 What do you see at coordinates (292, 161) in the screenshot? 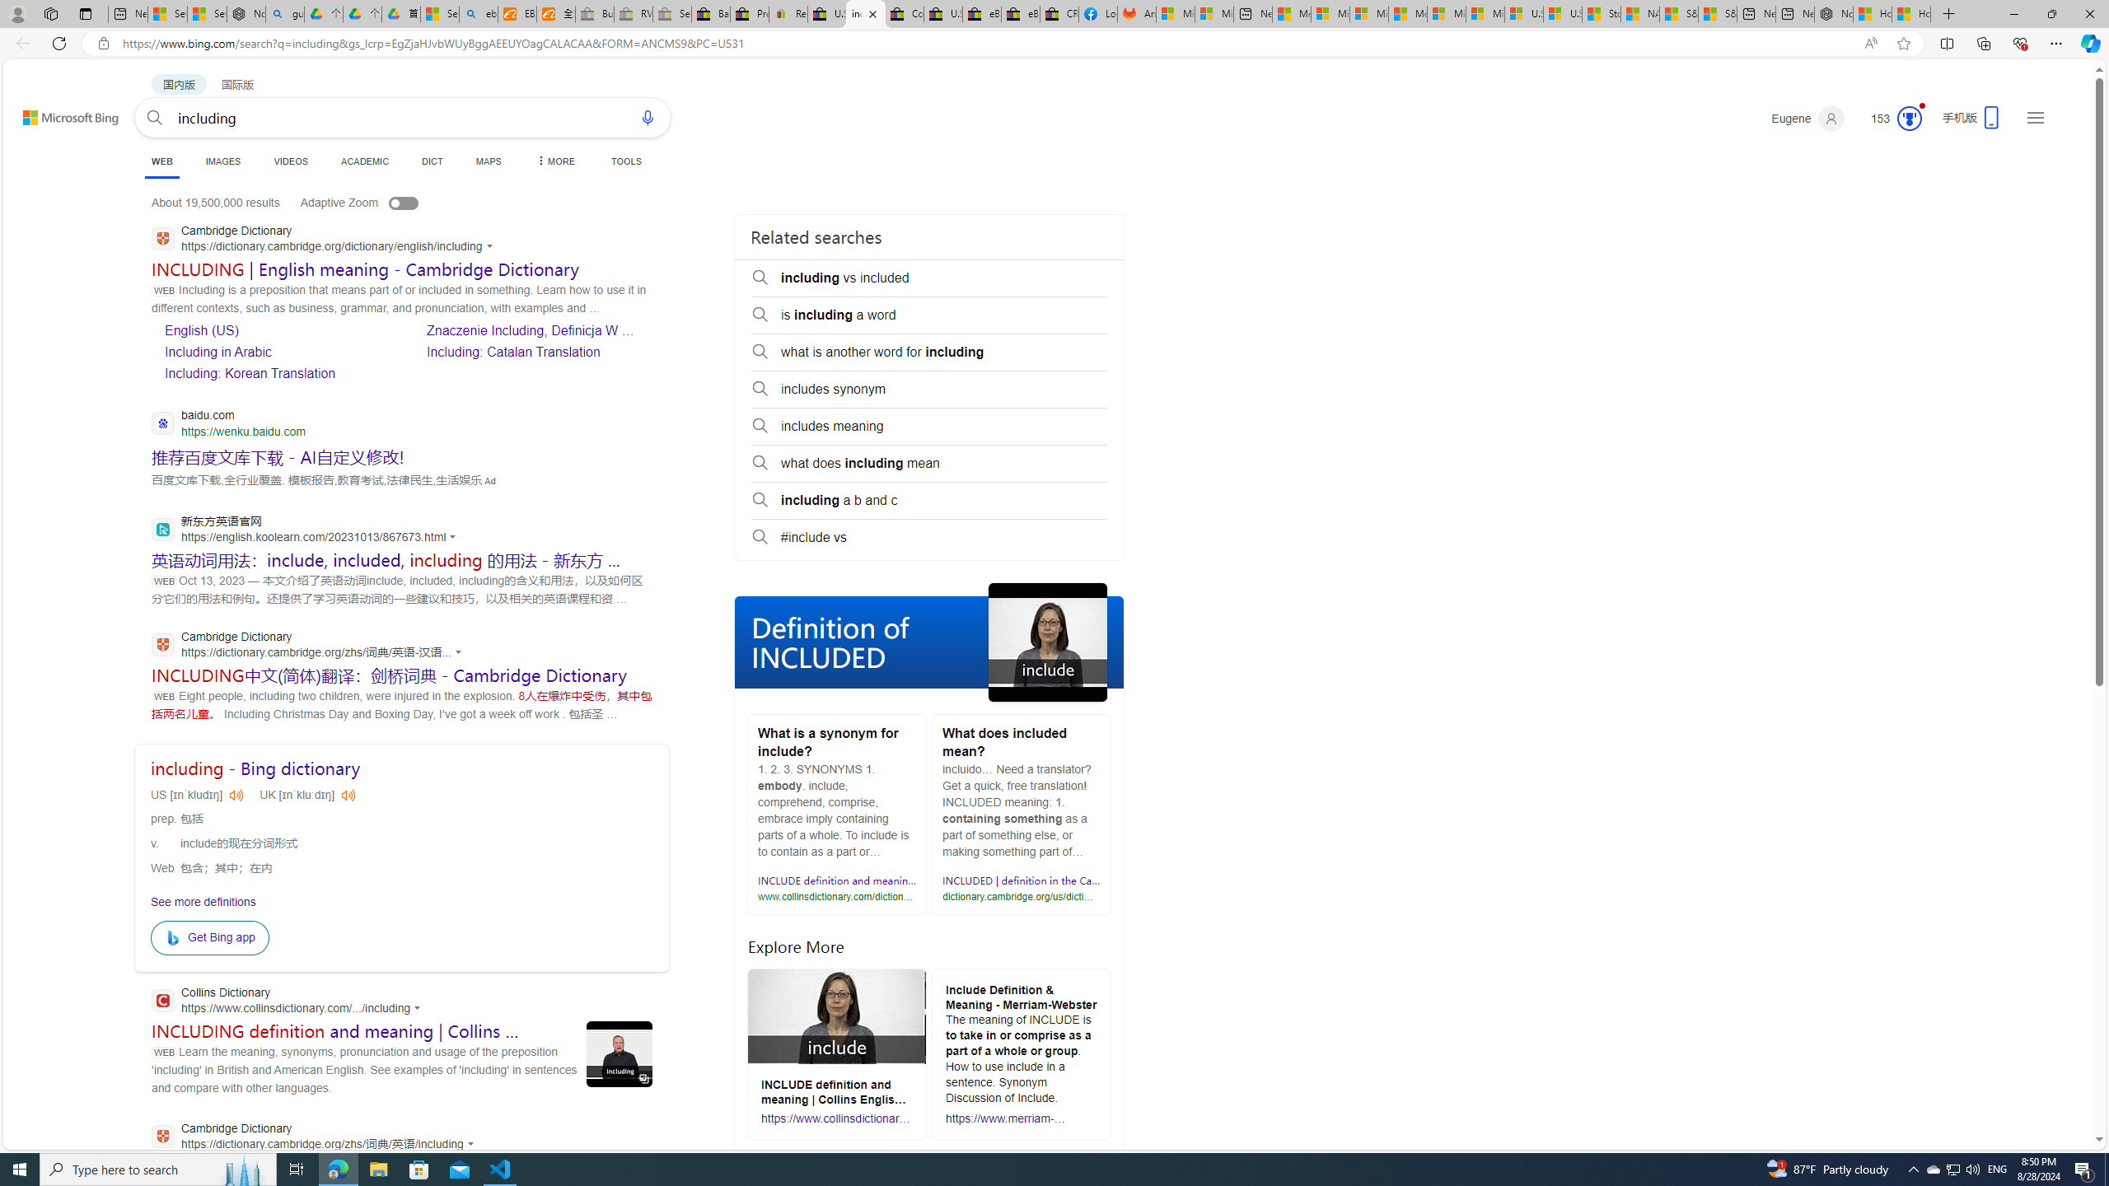
I see `'VIDEOS'` at bounding box center [292, 161].